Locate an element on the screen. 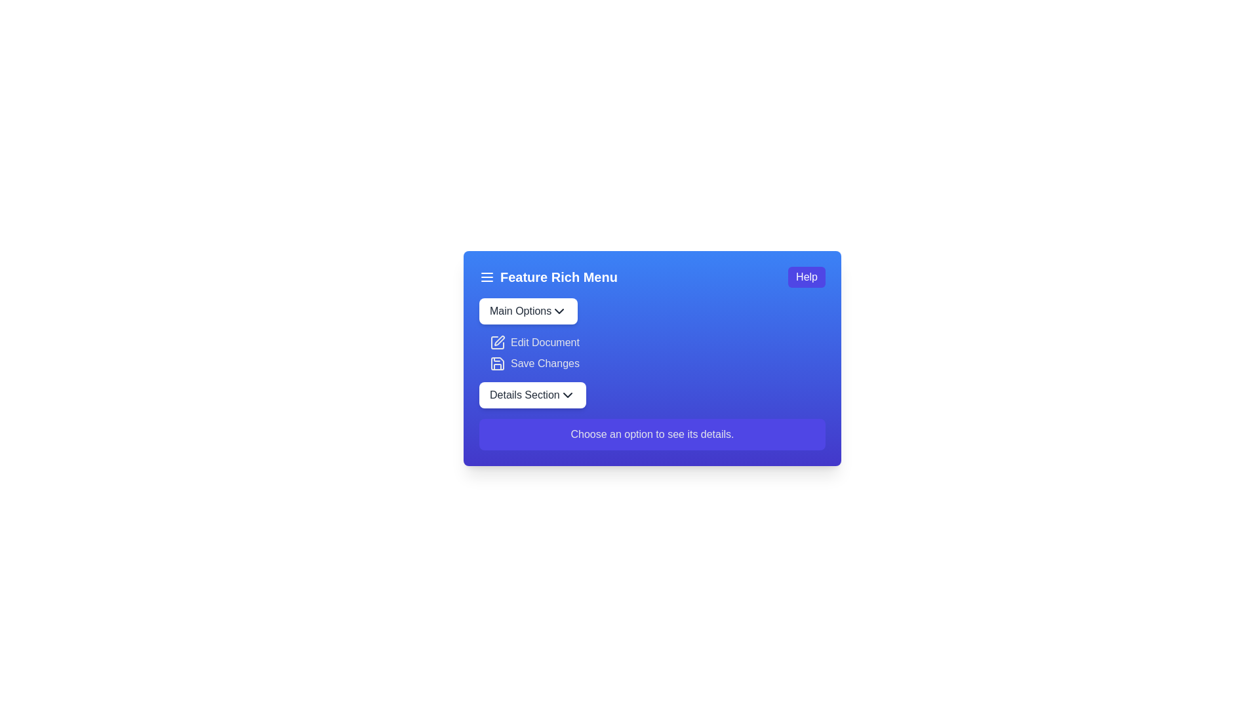 This screenshot has width=1259, height=708. the chevron icon located at the extreme right end of the 'Details Section' button is located at coordinates (567, 394).